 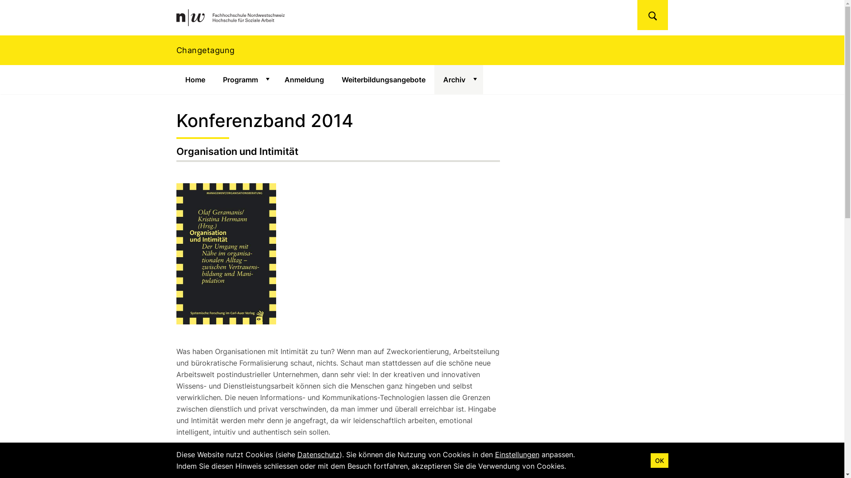 I want to click on 'Anmeldung', so click(x=304, y=80).